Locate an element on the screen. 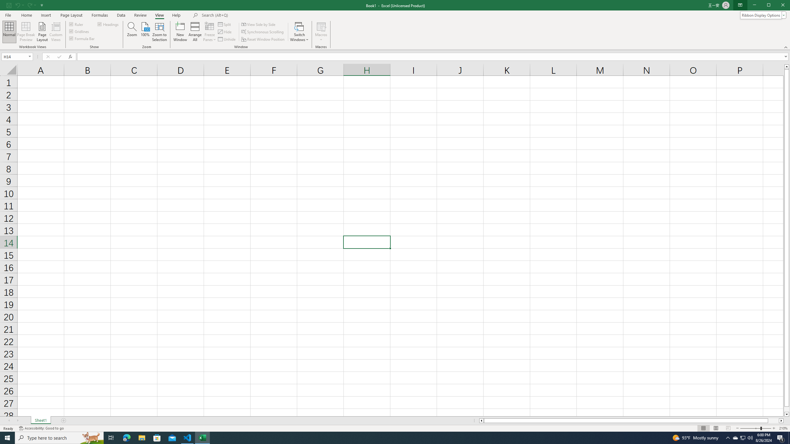  'Split' is located at coordinates (225, 24).